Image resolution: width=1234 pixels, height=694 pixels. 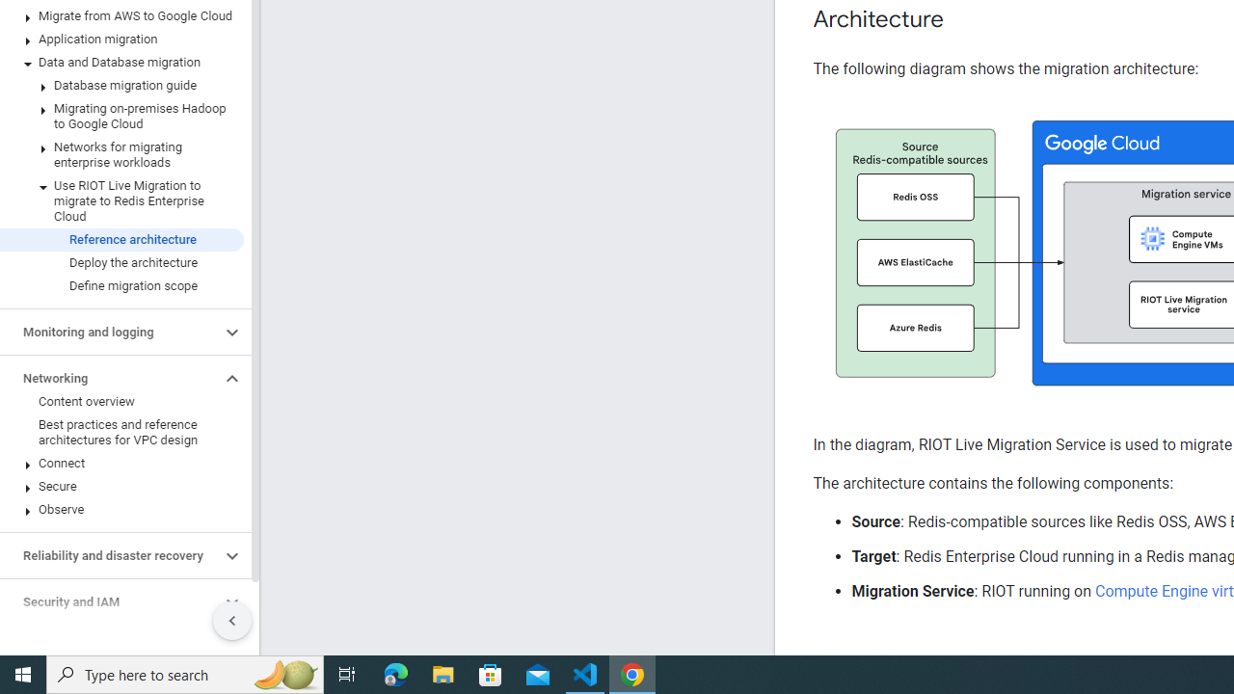 What do you see at coordinates (121, 15) in the screenshot?
I see `'Migrate from AWS to Google Cloud'` at bounding box center [121, 15].